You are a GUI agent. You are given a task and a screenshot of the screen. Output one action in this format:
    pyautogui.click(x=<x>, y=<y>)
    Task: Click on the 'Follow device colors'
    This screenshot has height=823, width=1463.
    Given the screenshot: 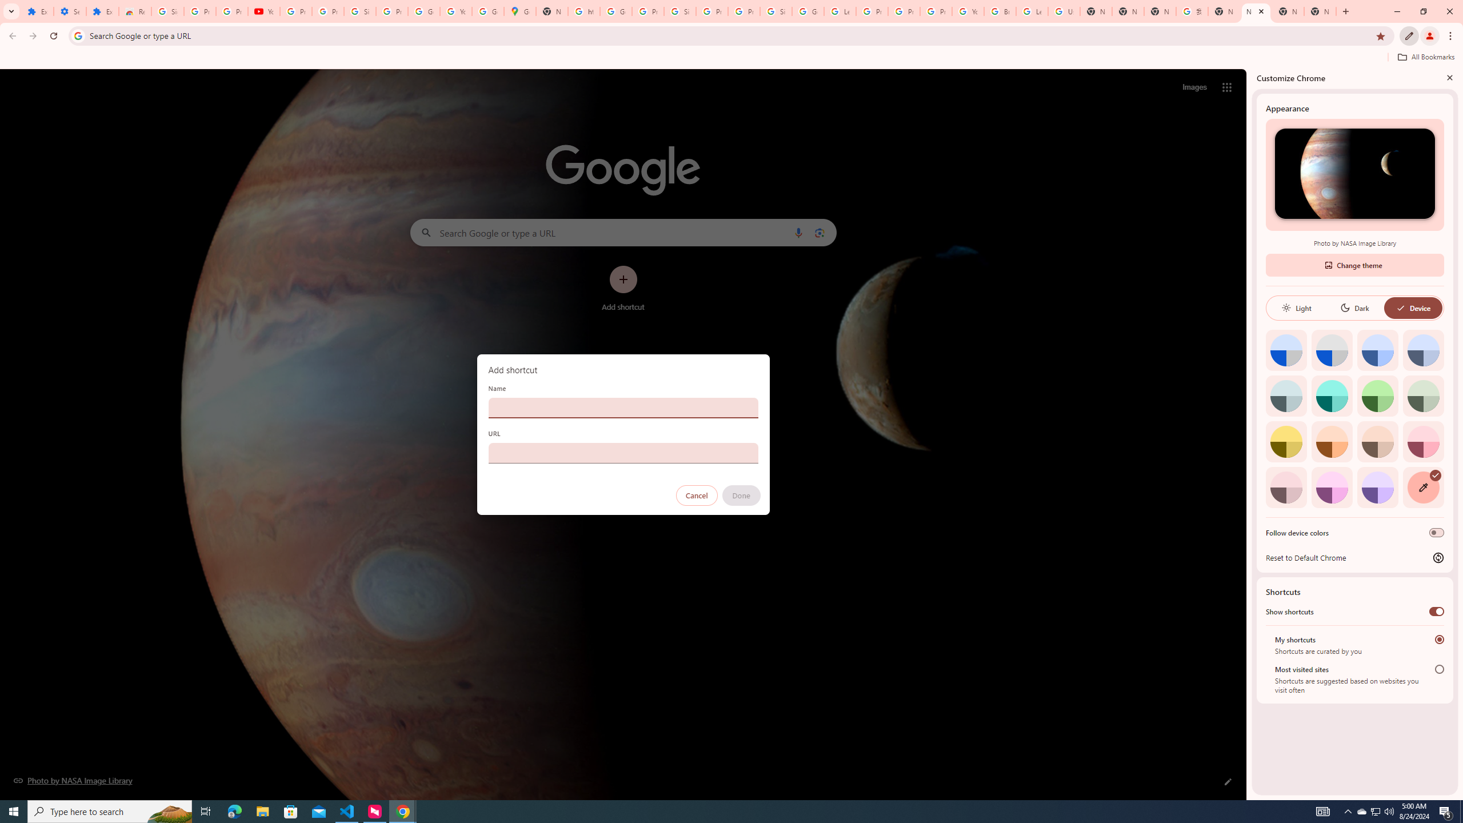 What is the action you would take?
    pyautogui.click(x=1436, y=532)
    